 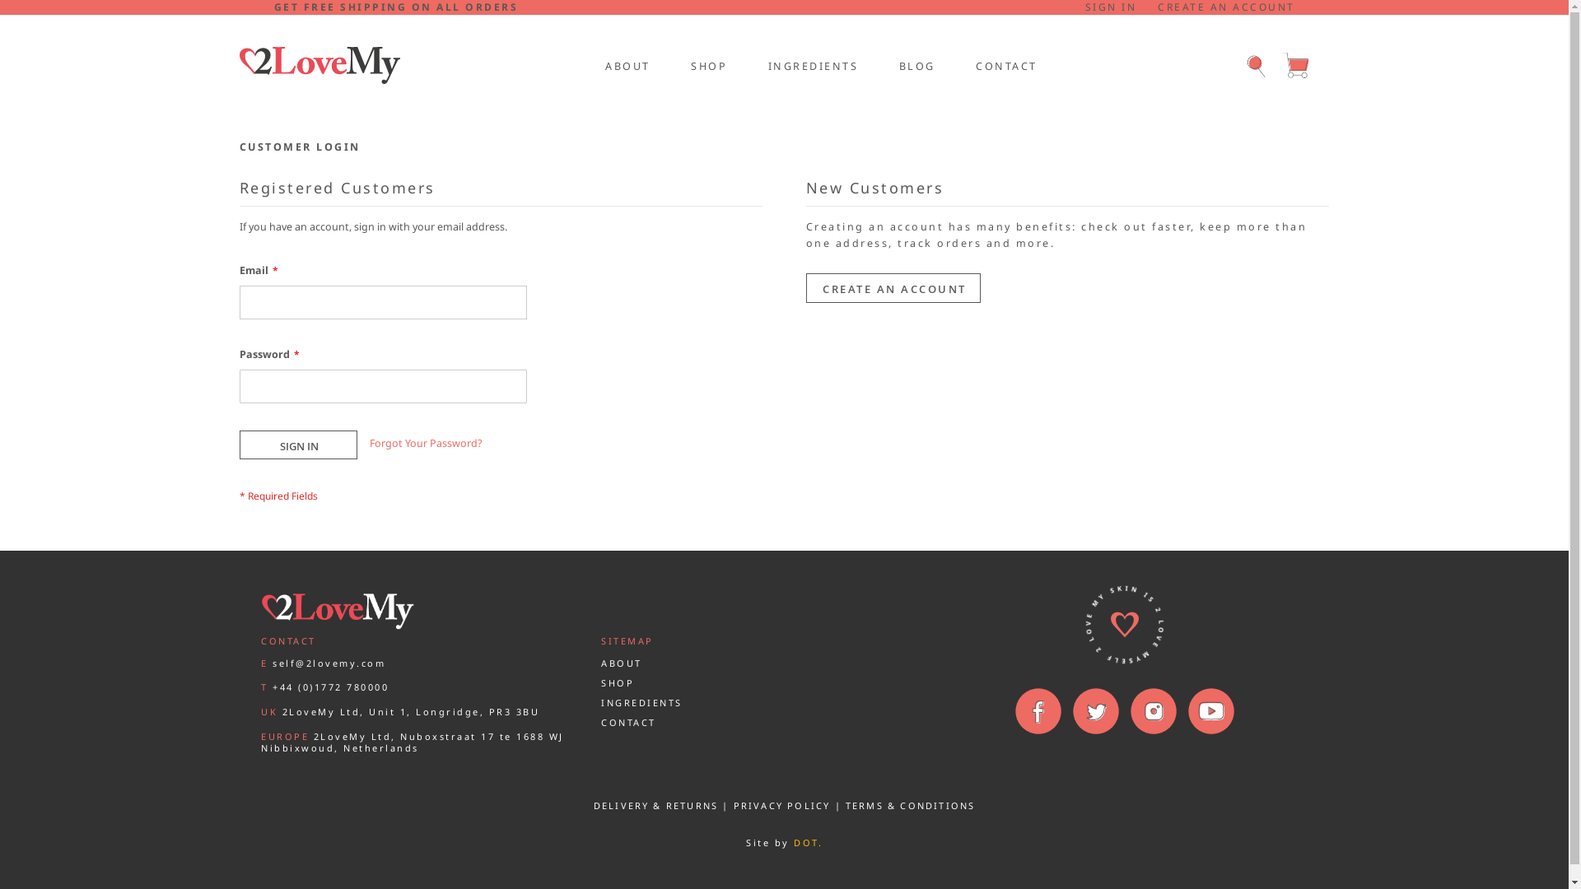 What do you see at coordinates (1095, 710) in the screenshot?
I see `'Twitter'` at bounding box center [1095, 710].